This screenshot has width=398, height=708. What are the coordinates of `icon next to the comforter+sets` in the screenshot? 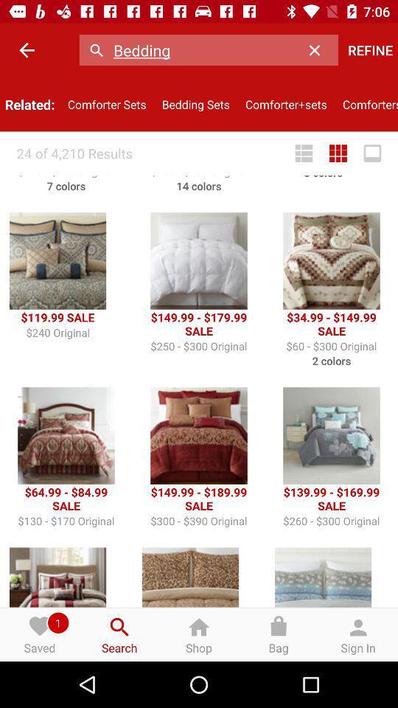 It's located at (366, 103).